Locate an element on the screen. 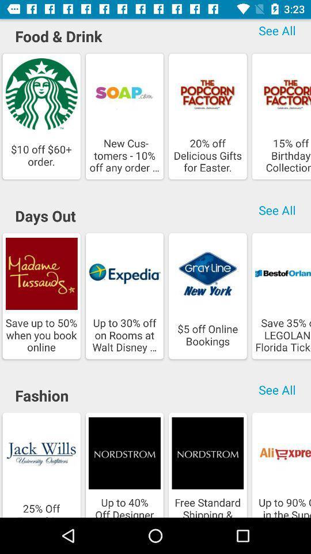  second image under food  drink is located at coordinates (124, 116).